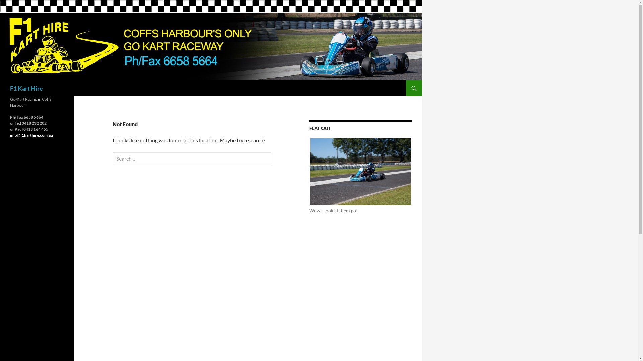 This screenshot has height=361, width=643. I want to click on 'info@f1karthire.com.au', so click(31, 135).